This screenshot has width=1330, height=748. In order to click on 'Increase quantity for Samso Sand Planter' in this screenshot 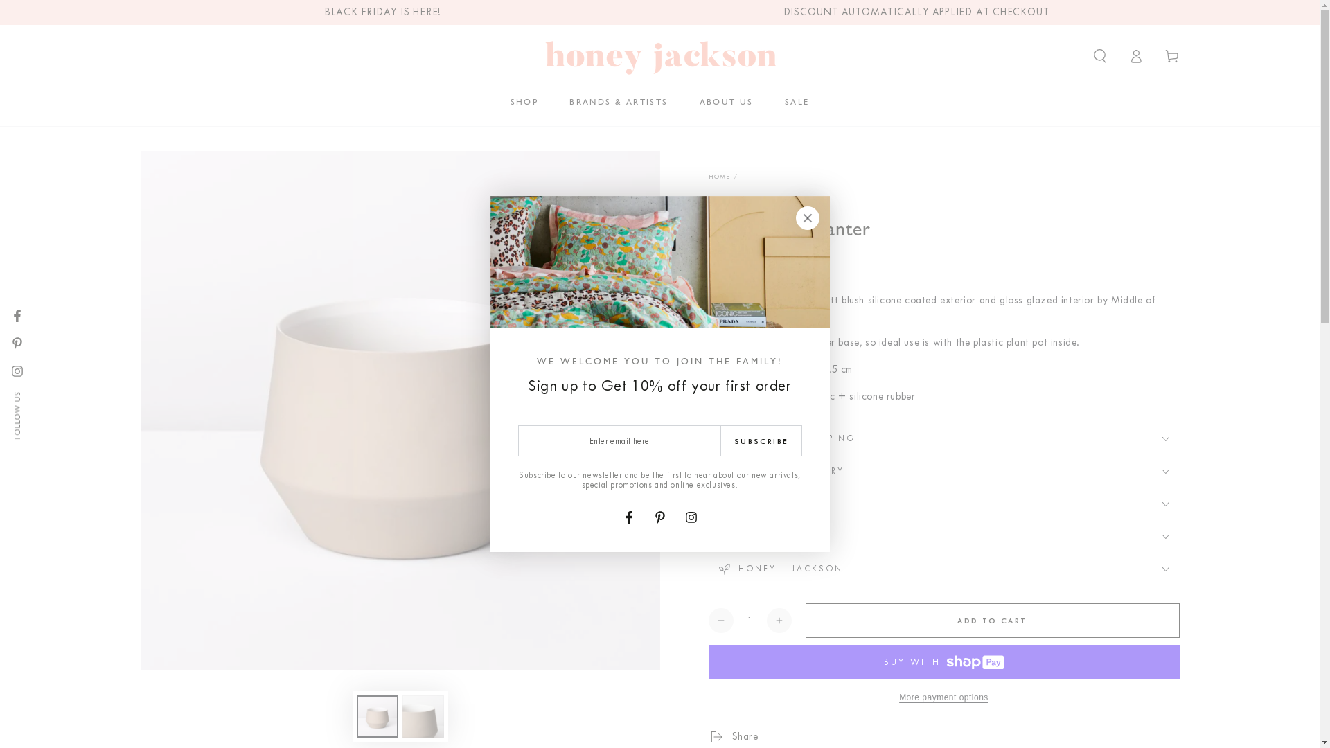, I will do `click(778, 619)`.